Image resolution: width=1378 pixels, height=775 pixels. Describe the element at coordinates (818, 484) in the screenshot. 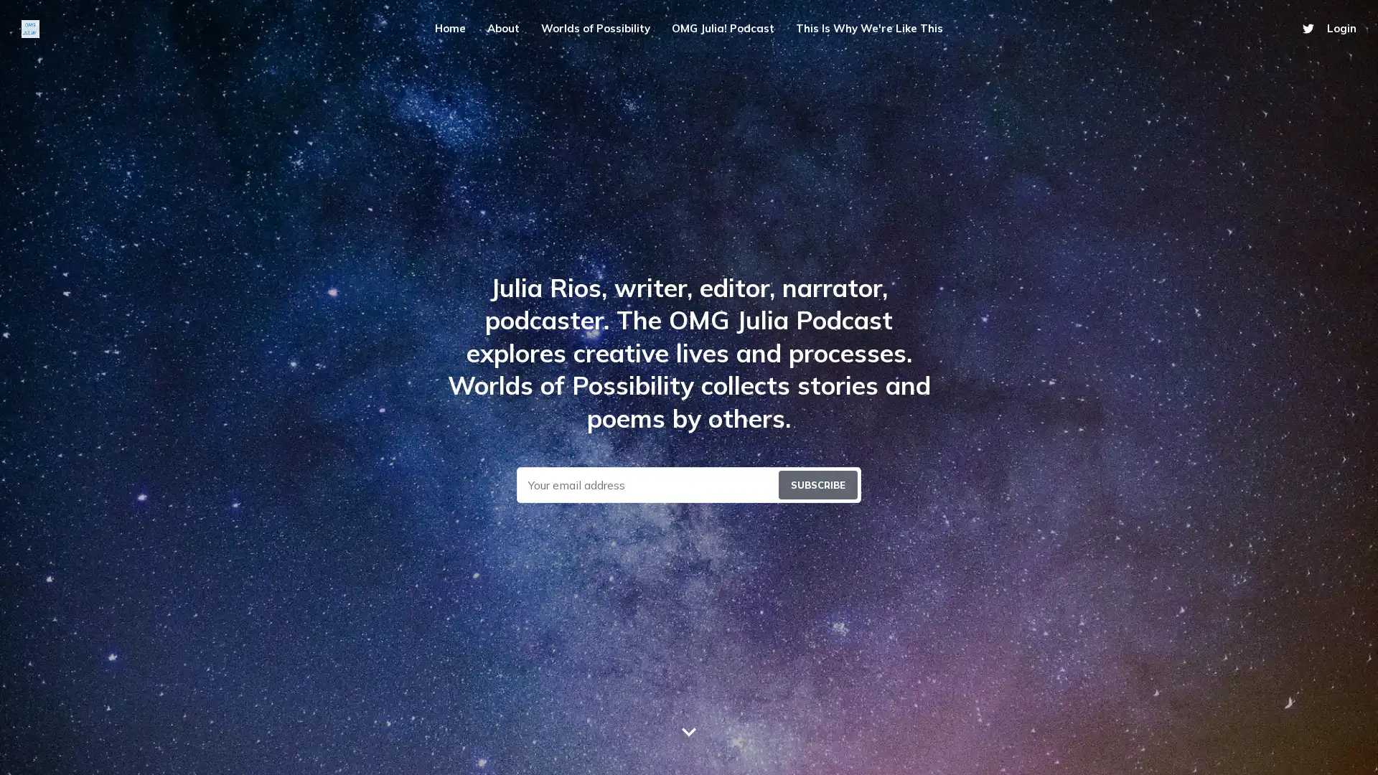

I see `Submit` at that location.